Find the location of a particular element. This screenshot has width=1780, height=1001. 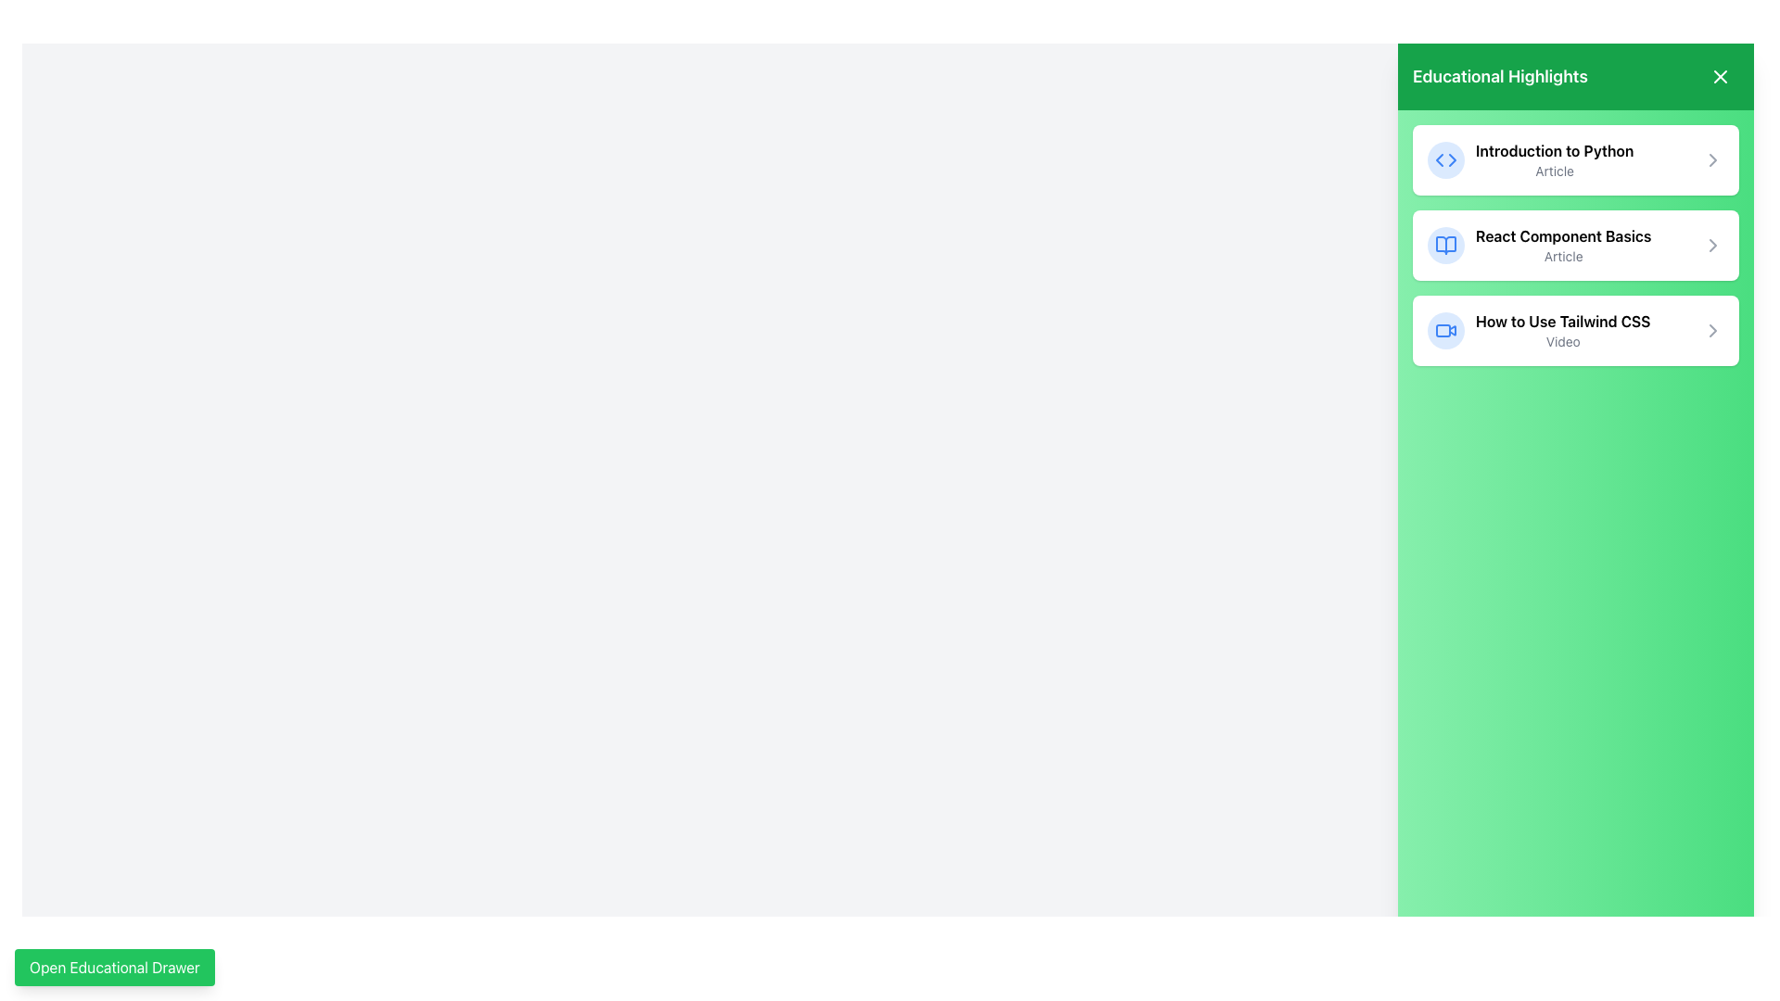

'Educational Highlights' header text, which is a green-colored title styled in white, bold font, located near the upper-left corner of the sidebar is located at coordinates (1500, 76).